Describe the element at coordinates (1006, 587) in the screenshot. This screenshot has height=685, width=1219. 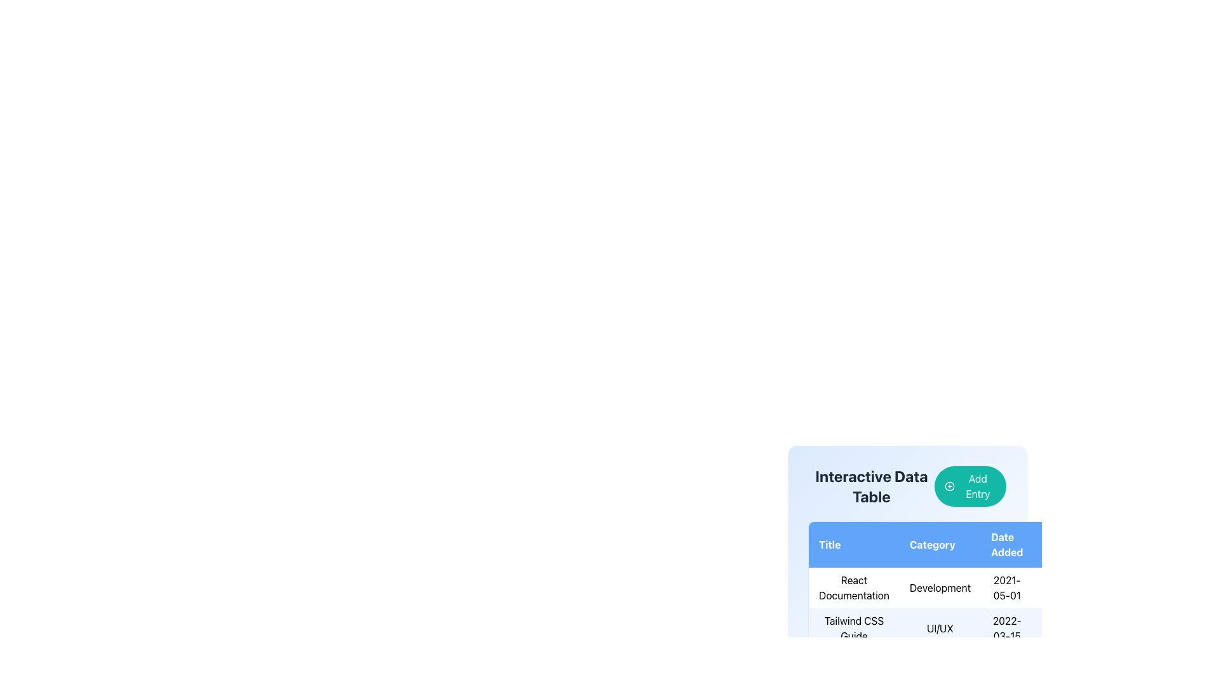
I see `the textual representation of the date '2021-05-01' from the 'Date Added' column in the 'Interactive Data Table'` at that location.